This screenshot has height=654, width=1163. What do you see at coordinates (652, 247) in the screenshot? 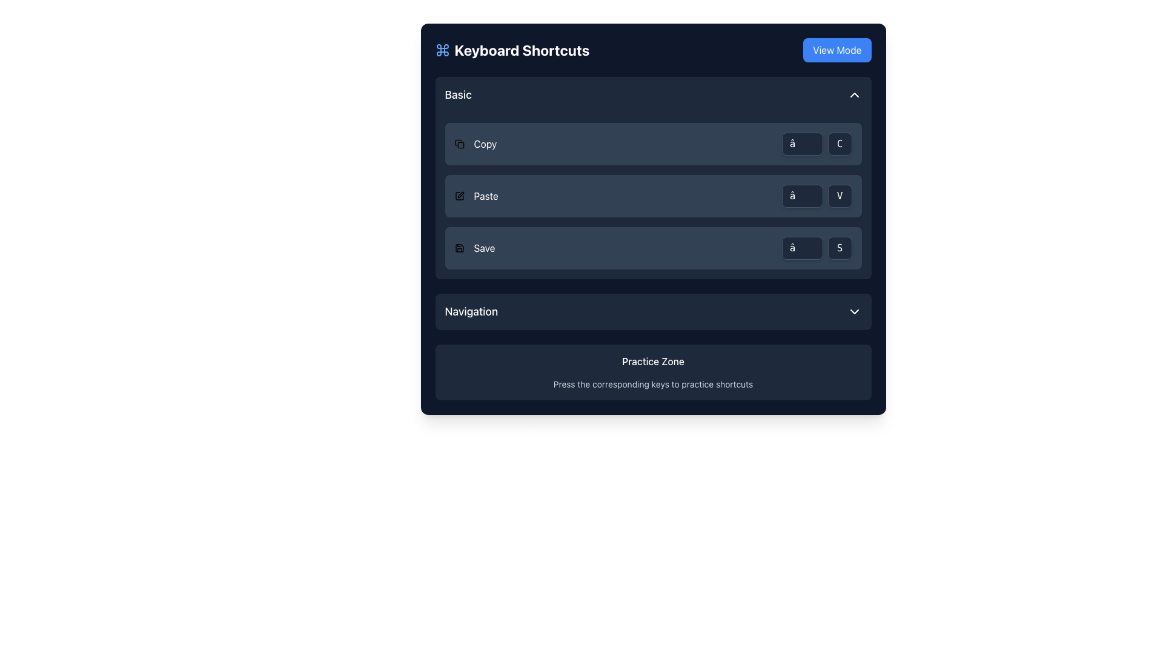
I see `the save function information block located` at bounding box center [652, 247].